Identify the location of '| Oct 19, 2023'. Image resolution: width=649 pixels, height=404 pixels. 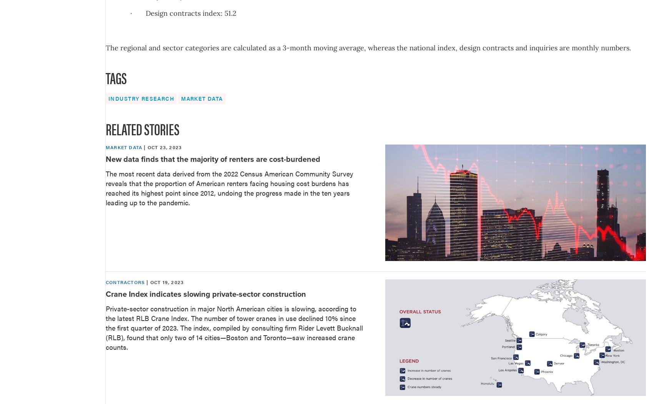
(164, 282).